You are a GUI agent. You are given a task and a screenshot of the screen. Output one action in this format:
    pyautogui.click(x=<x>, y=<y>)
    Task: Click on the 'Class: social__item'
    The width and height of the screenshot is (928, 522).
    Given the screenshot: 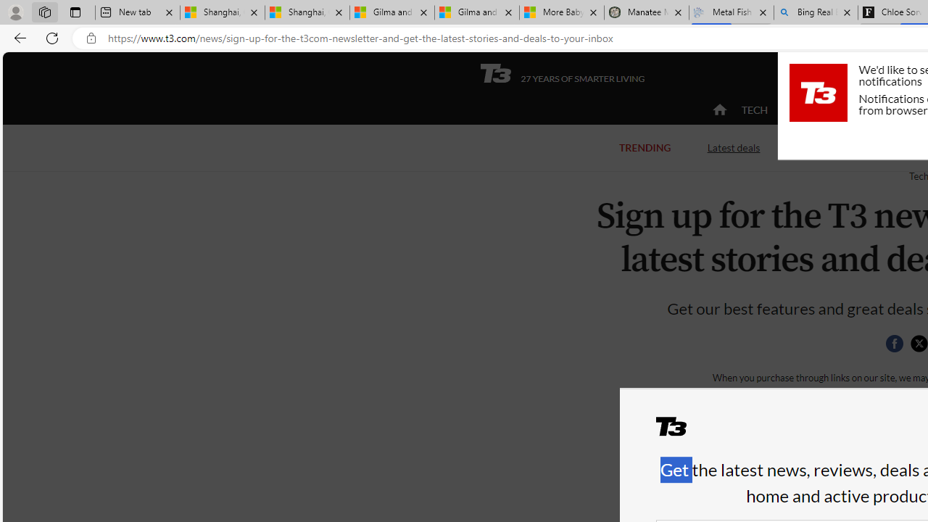 What is the action you would take?
    pyautogui.click(x=897, y=346)
    